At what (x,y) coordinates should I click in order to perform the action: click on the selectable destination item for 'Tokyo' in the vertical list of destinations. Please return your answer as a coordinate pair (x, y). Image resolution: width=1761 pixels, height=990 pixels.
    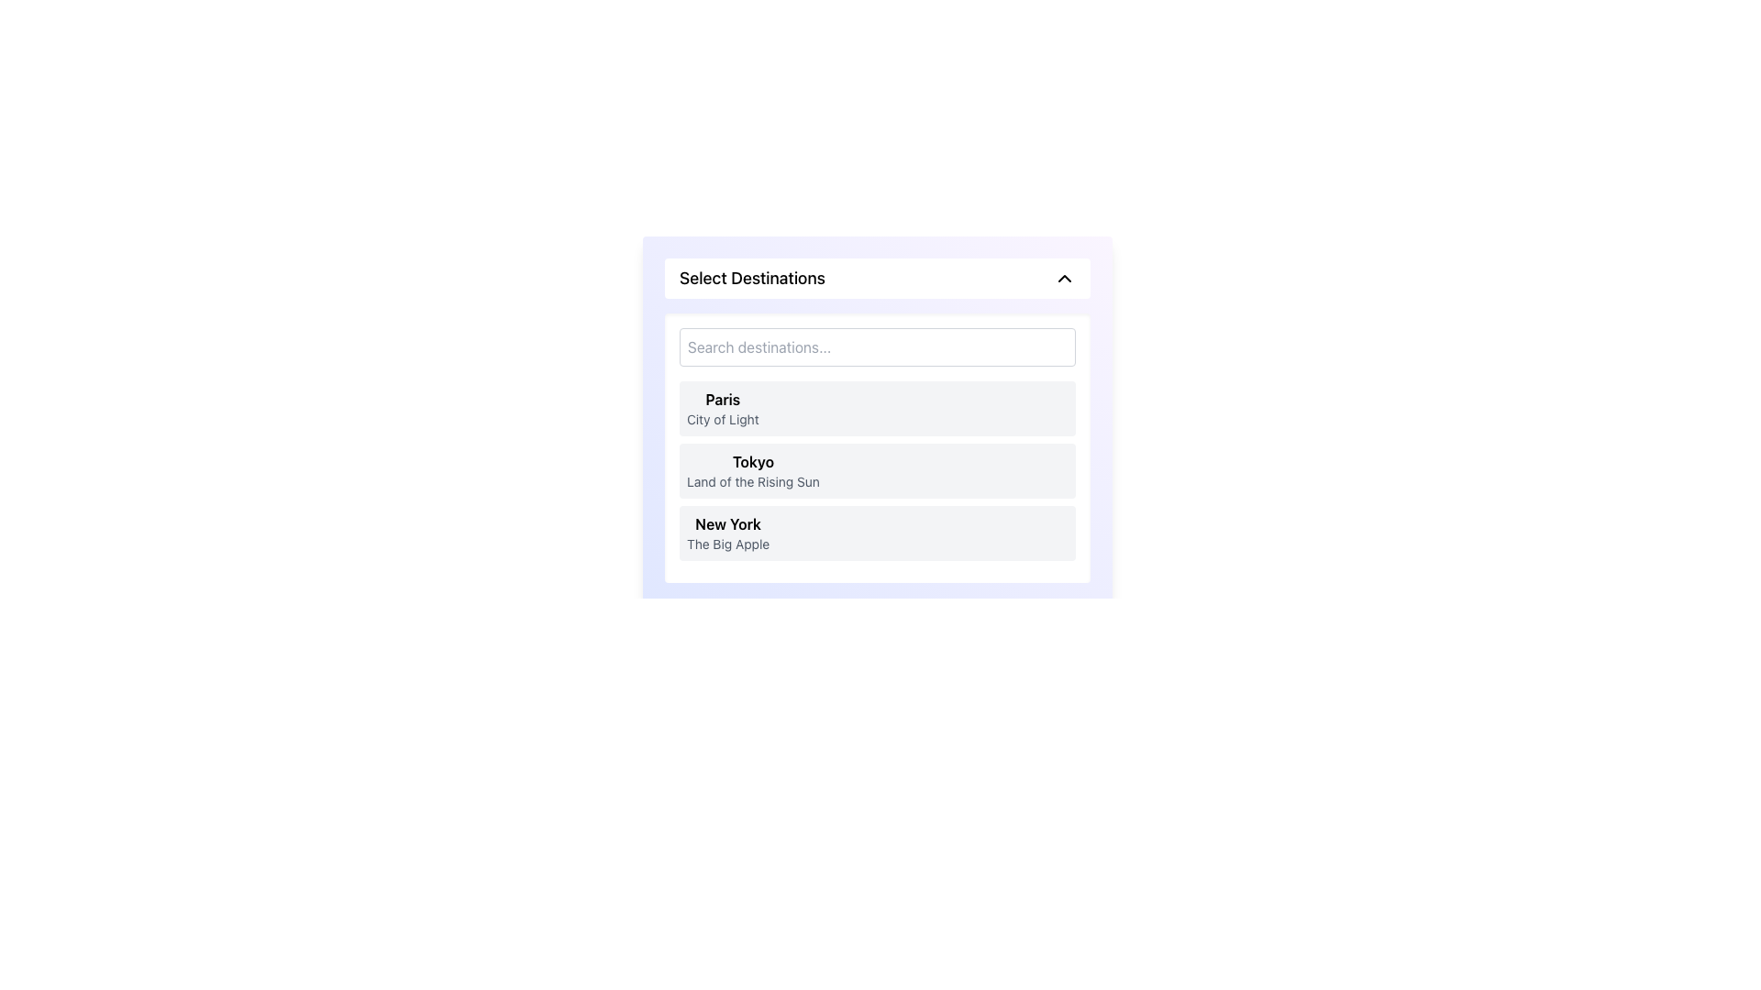
    Looking at the image, I should click on (876, 469).